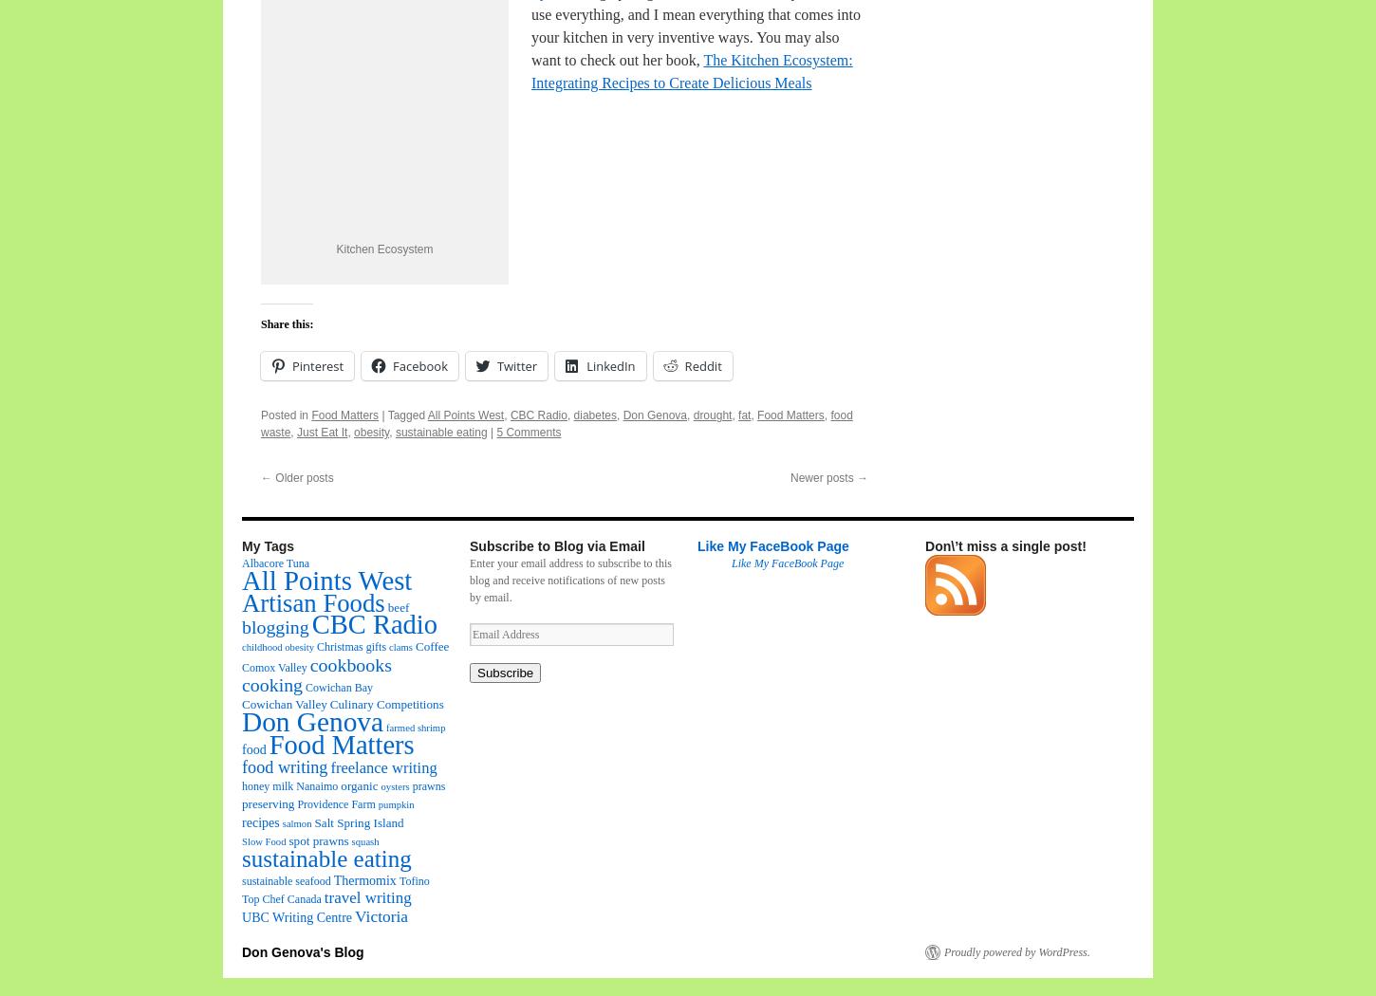 The image size is (1376, 996). I want to click on 'recipes', so click(260, 821).